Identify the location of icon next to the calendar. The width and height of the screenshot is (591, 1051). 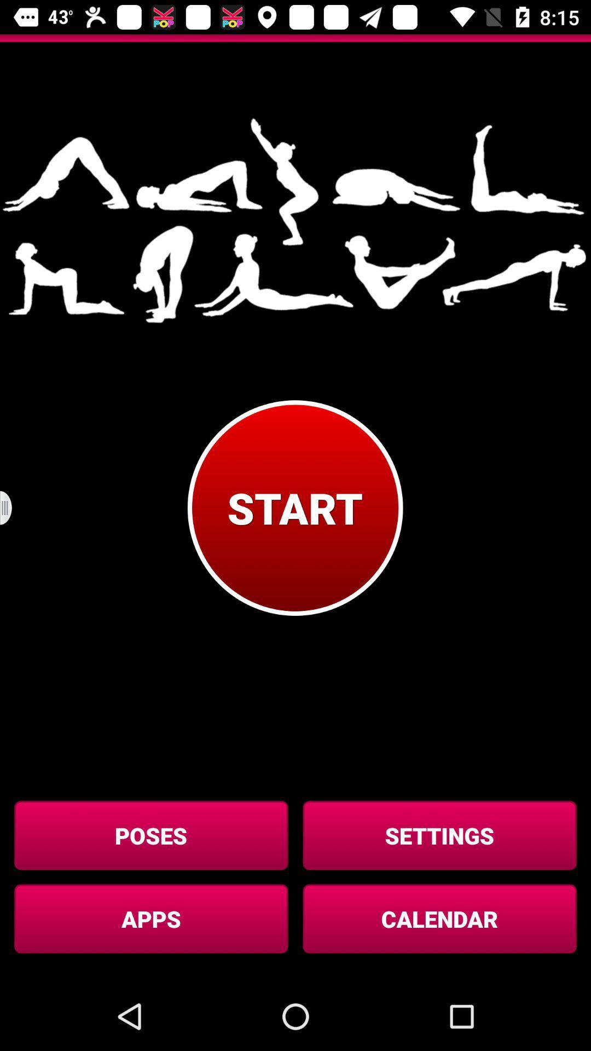
(151, 919).